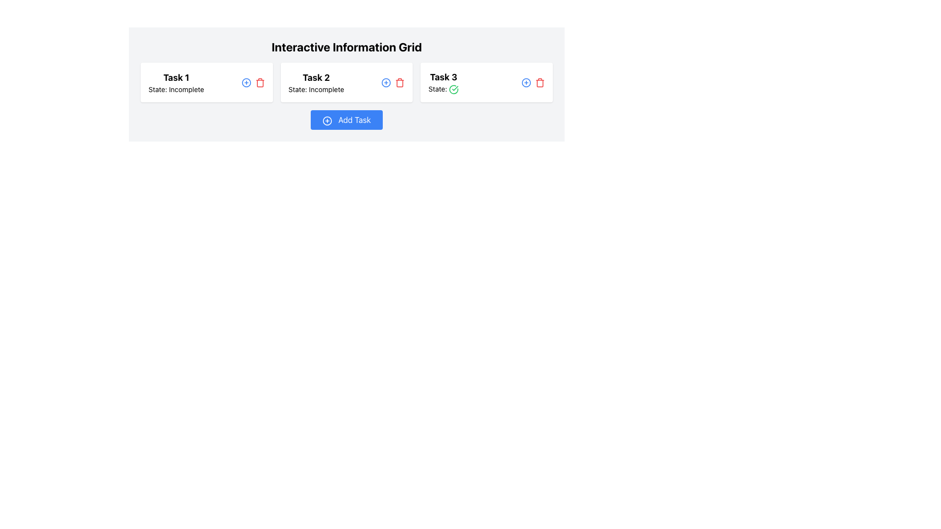 This screenshot has width=941, height=529. What do you see at coordinates (453, 90) in the screenshot?
I see `the 'completed' icon indicating the 'checked' state for 'Task 3', located on the far-right side of the task box, right after the label 'State:'` at bounding box center [453, 90].